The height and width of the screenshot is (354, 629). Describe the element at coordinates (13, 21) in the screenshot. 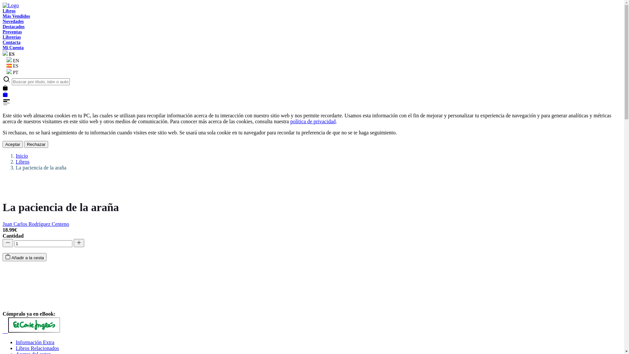

I see `'Novedades'` at that location.